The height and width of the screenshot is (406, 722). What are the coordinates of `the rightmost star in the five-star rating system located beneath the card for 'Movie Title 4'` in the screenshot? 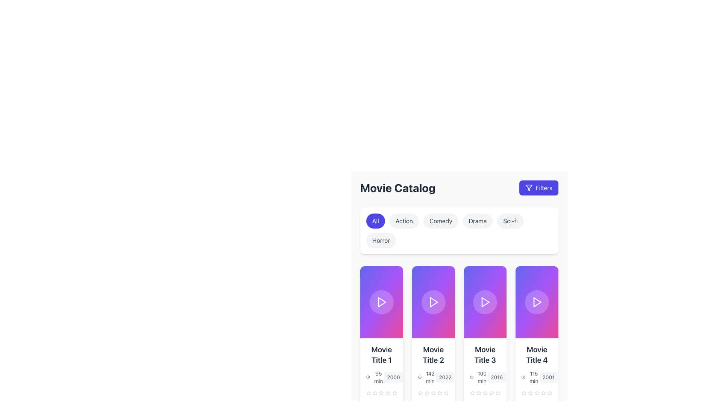 It's located at (550, 392).